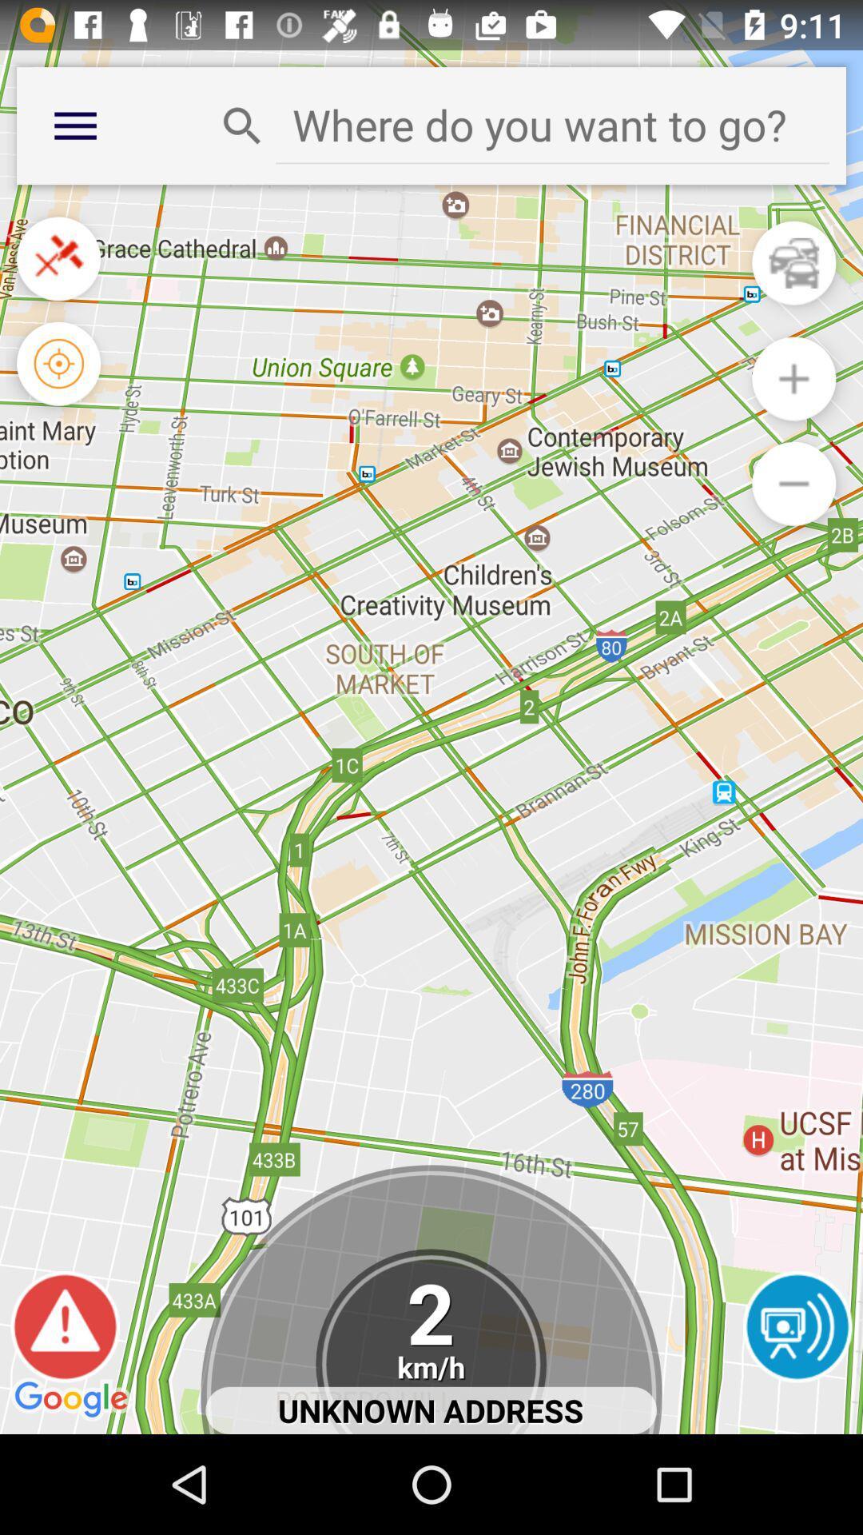 The image size is (863, 1535). What do you see at coordinates (793, 378) in the screenshot?
I see `zoom into the map` at bounding box center [793, 378].